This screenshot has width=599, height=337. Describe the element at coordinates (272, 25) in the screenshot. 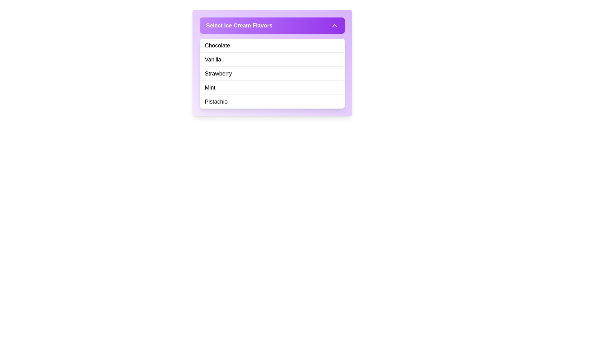

I see `the Dropdown Header labeled 'Select Ice Cream Flavors'` at that location.